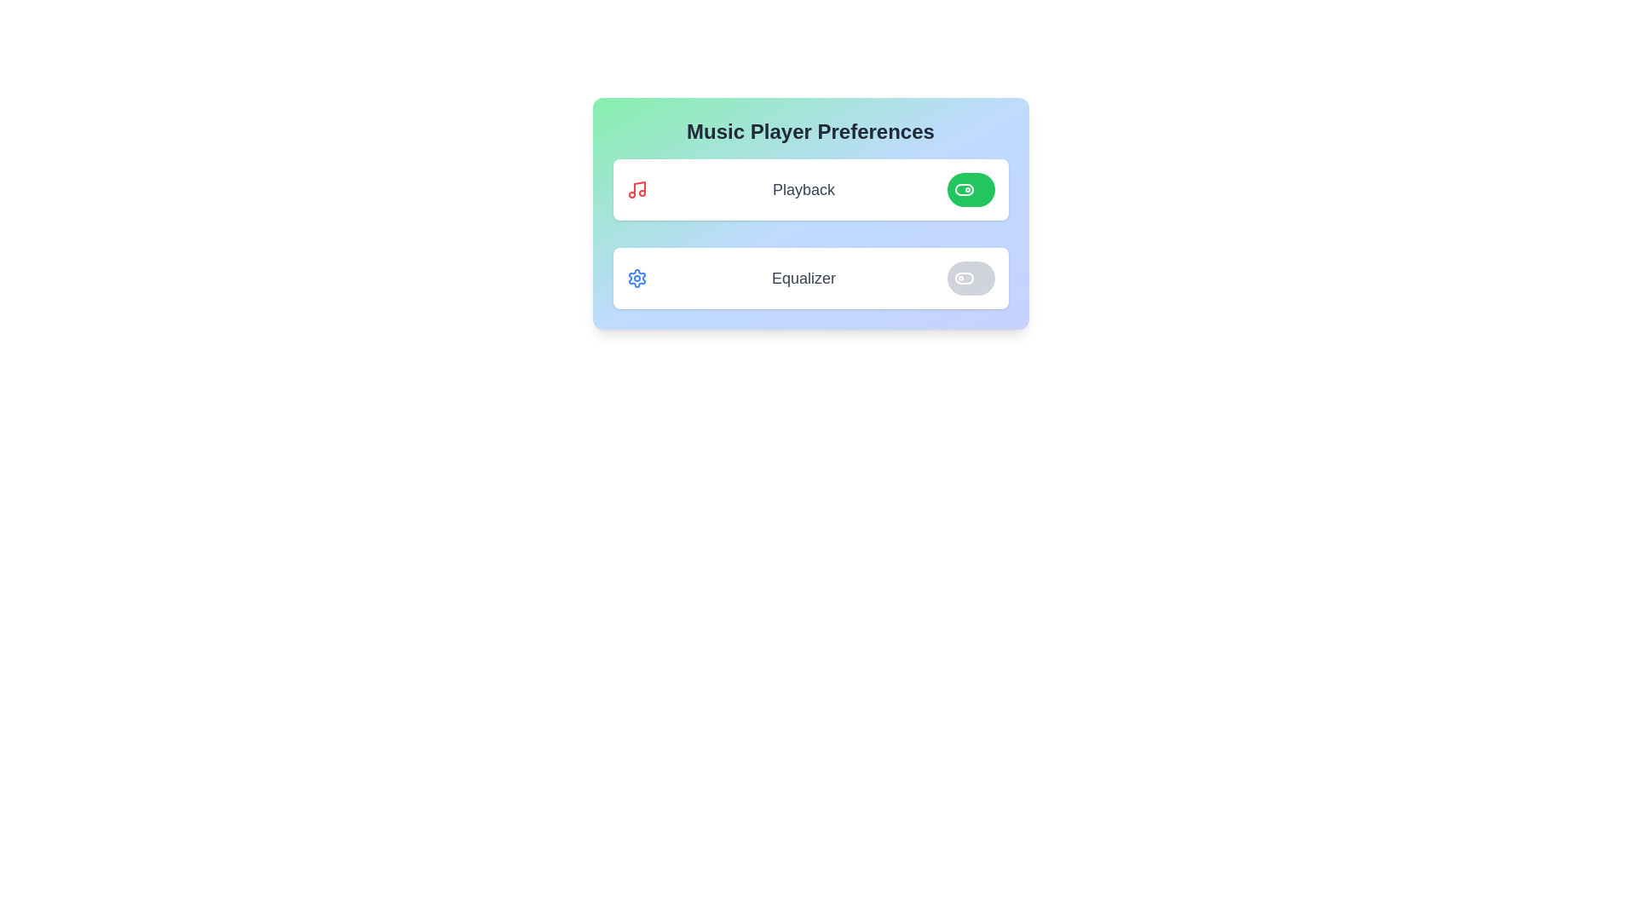 The image size is (1636, 920). What do you see at coordinates (803, 190) in the screenshot?
I see `text label that displays 'Playback' in a large, gray font, positioned centrally between a red music icon and a green toggle button` at bounding box center [803, 190].